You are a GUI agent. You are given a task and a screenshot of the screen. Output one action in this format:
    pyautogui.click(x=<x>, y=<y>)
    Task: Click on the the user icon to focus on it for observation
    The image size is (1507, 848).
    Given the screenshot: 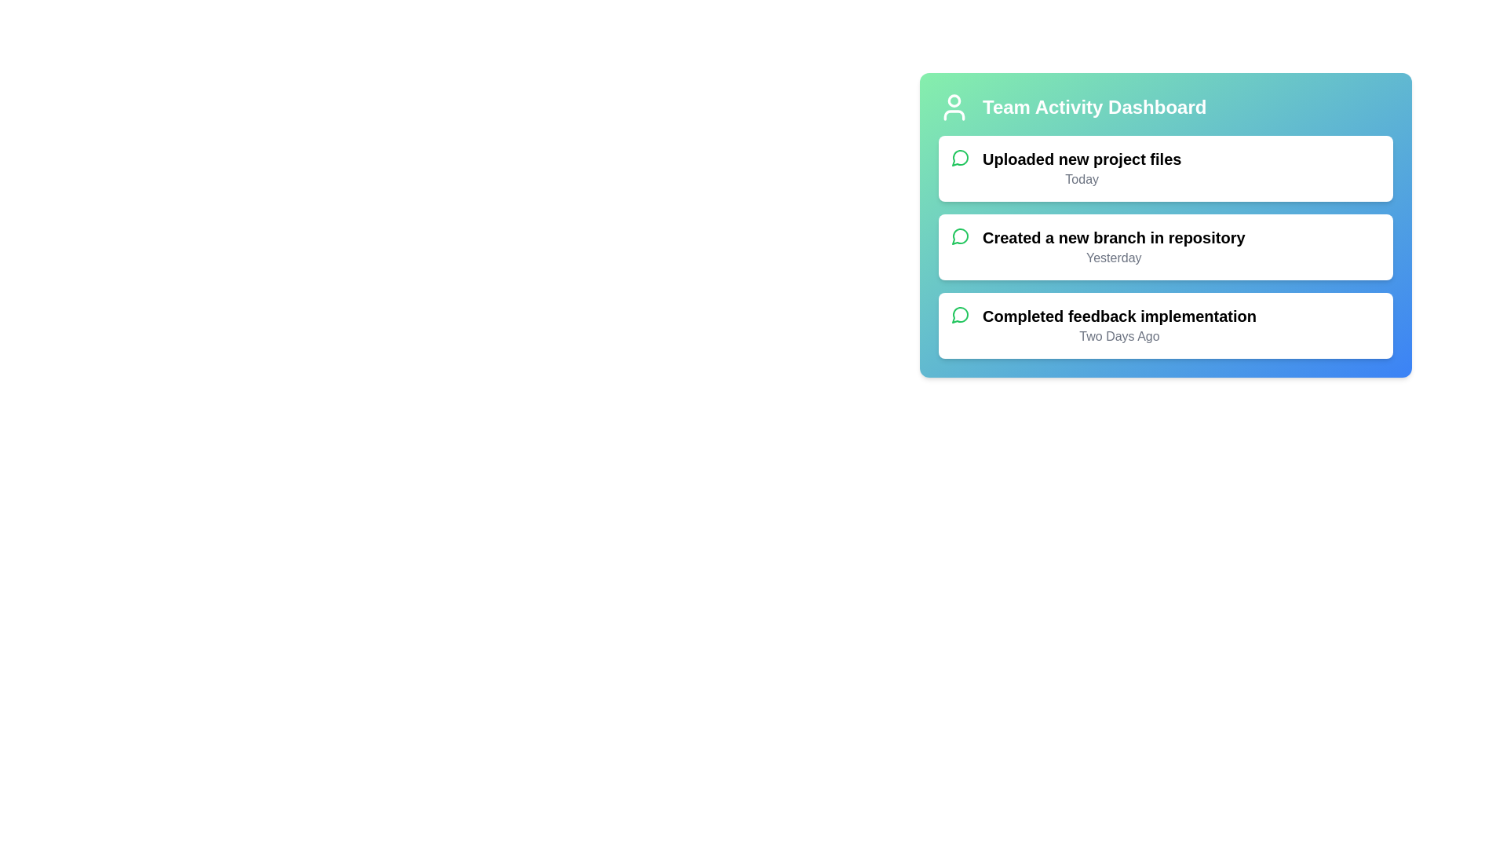 What is the action you would take?
    pyautogui.click(x=953, y=107)
    